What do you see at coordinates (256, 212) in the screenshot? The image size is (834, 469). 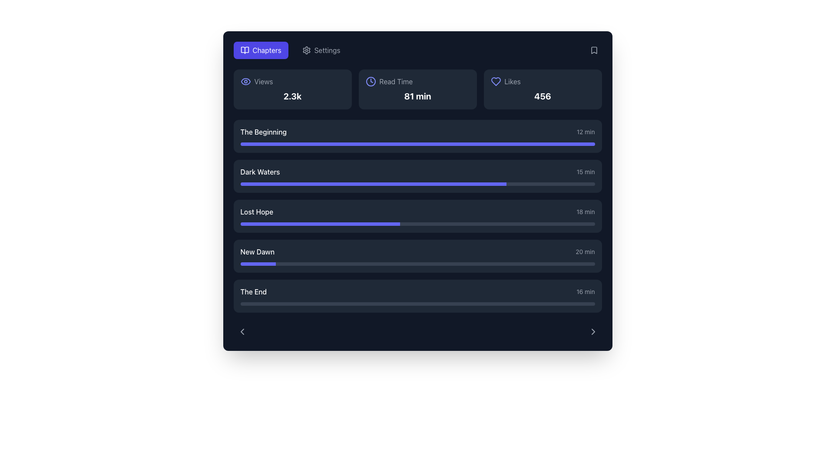 I see `text from the label displaying 'Lost Hope', which is located in the third row of a vertically stacked list, positioned to the left of the 18-min indicator` at bounding box center [256, 212].